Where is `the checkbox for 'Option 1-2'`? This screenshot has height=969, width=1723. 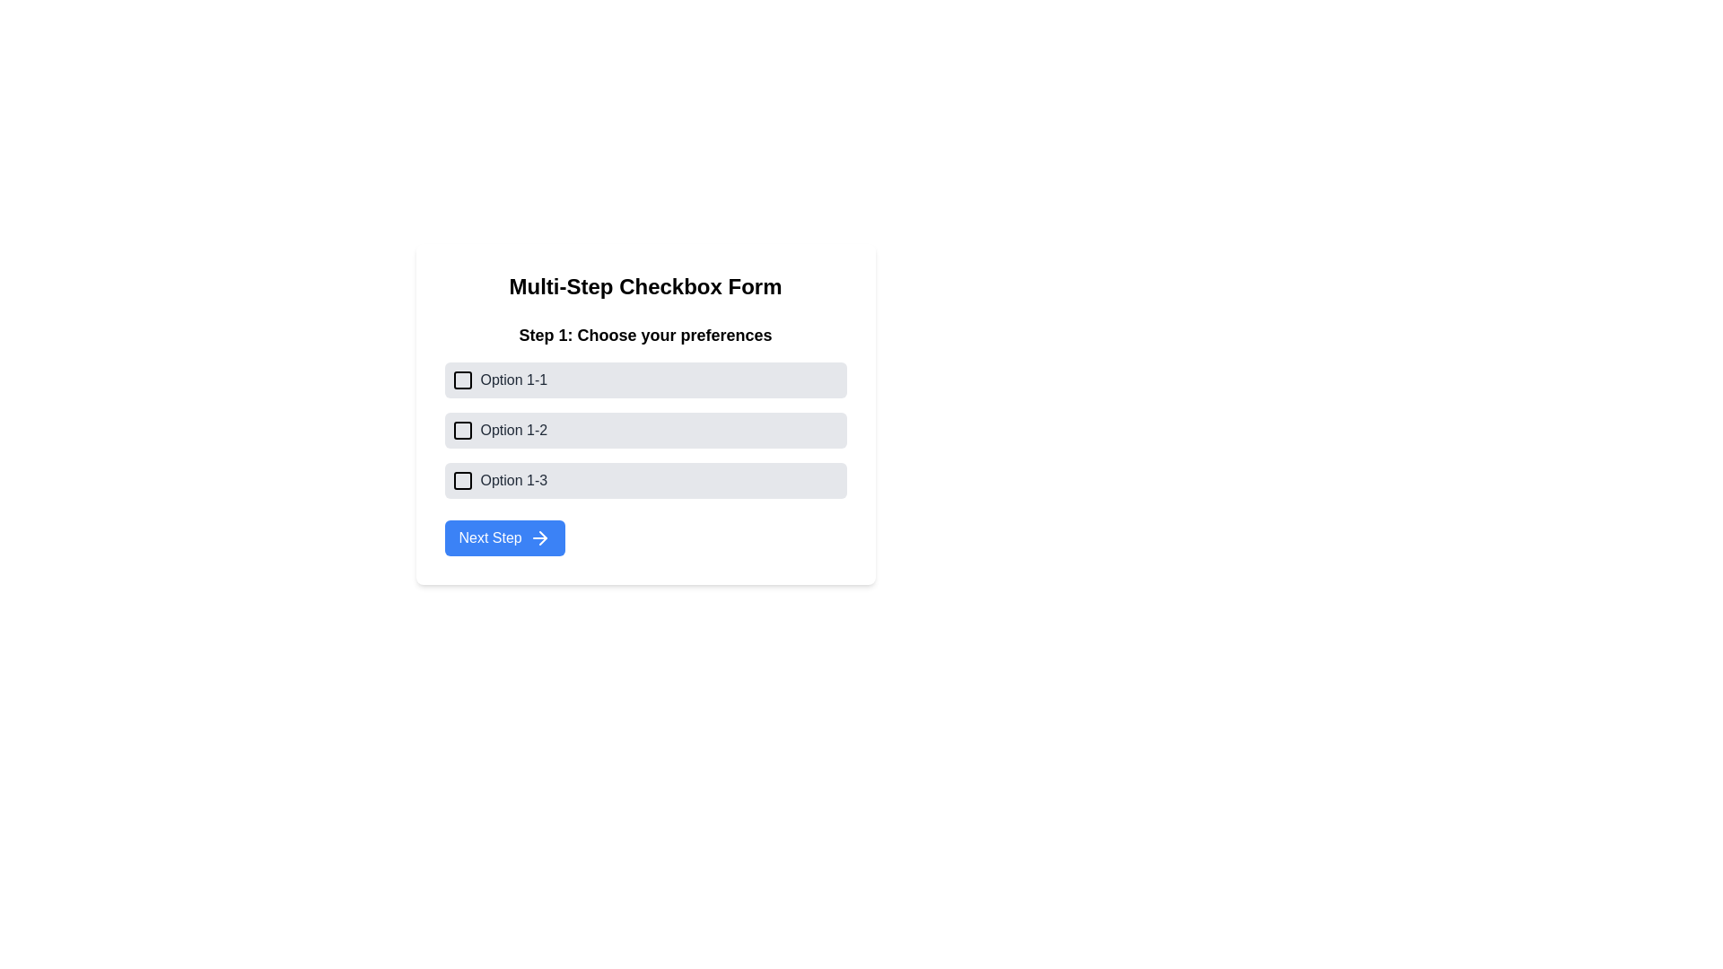 the checkbox for 'Option 1-2' is located at coordinates (462, 430).